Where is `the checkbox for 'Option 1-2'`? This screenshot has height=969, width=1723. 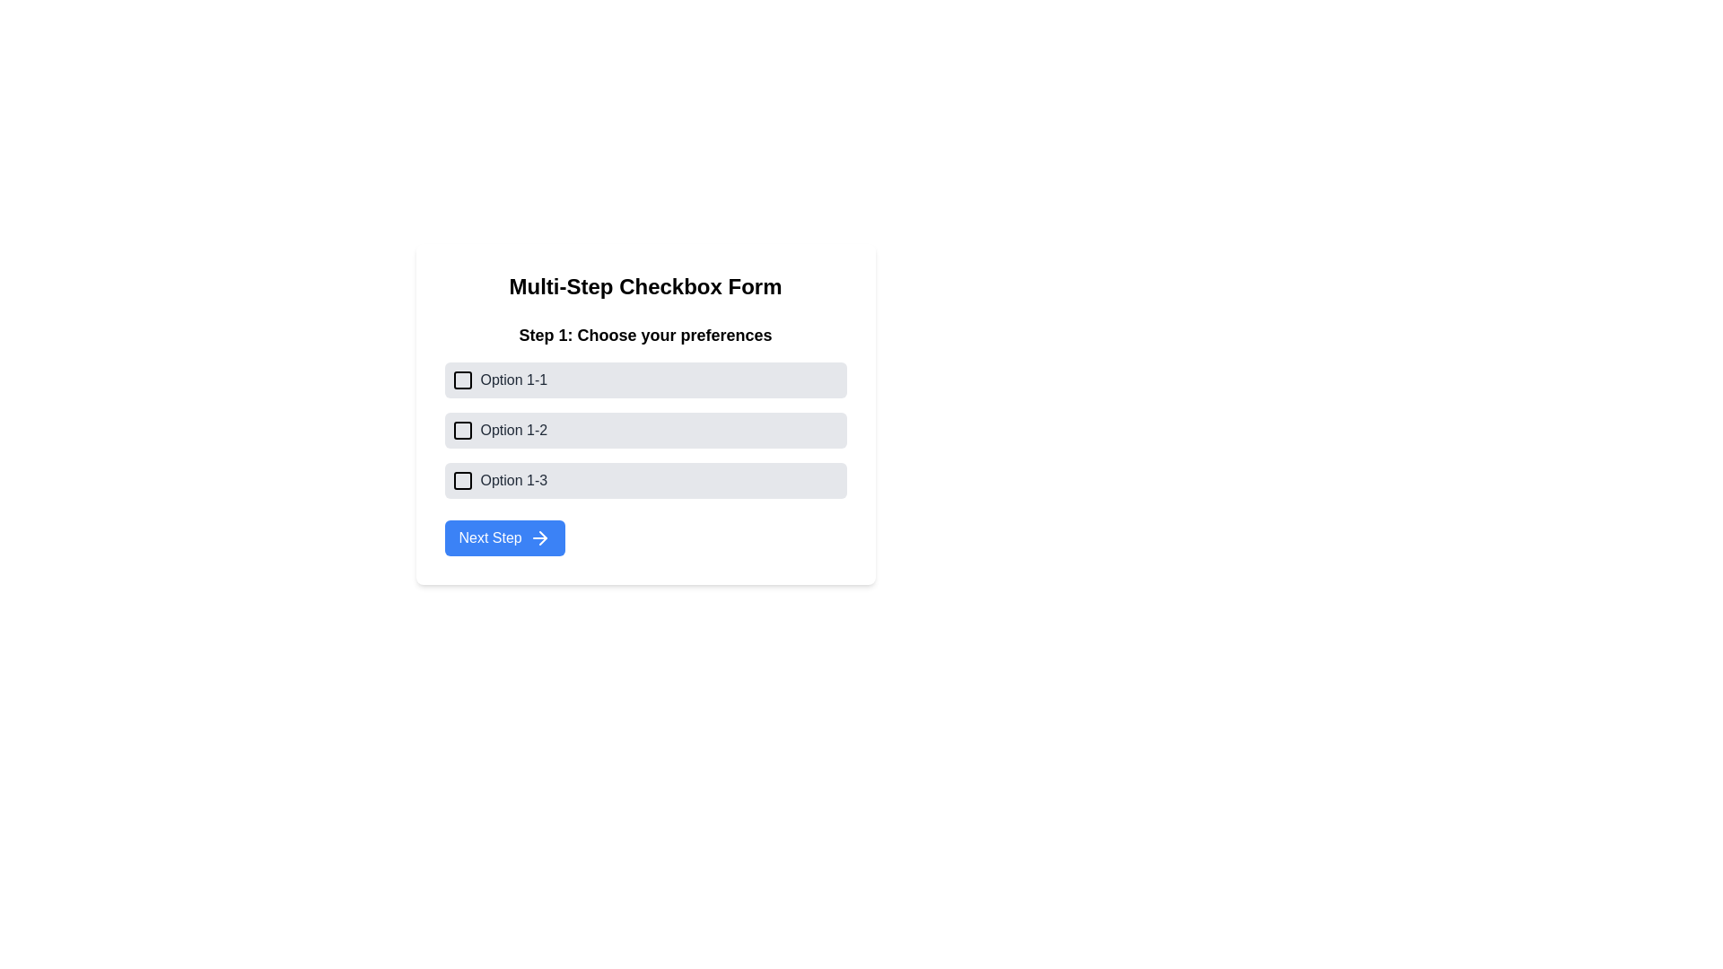 the checkbox for 'Option 1-2' is located at coordinates (462, 430).